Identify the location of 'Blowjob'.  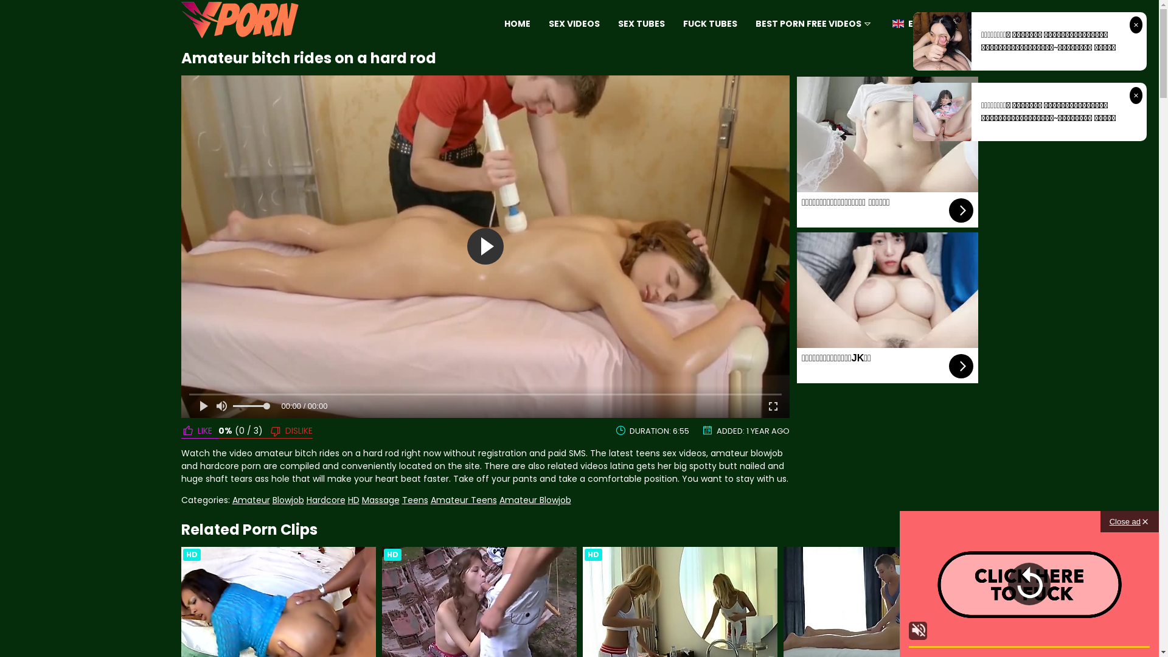
(271, 499).